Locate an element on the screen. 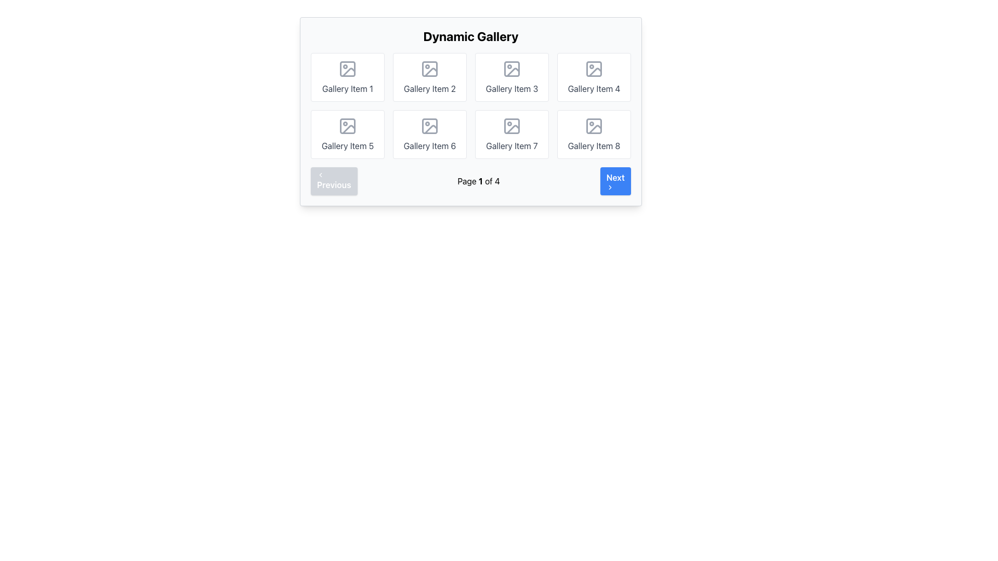 The height and width of the screenshot is (561, 998). label of the Text label that identifies the second gallery item in the grid, positioned under the second gallery item in the first row is located at coordinates (429, 88).